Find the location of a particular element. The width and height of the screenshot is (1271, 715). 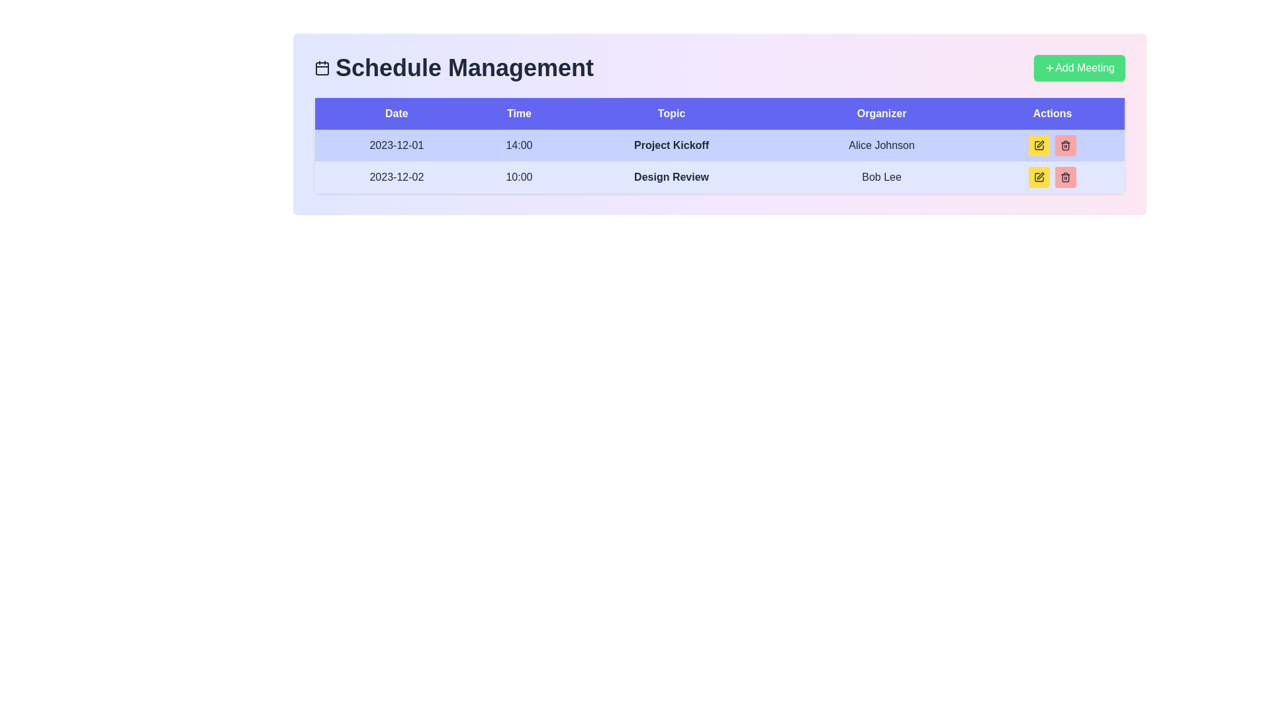

the text label 'Actions' styled with a white font on a purple background, located in the header row of a table in the scheduled management interface is located at coordinates (1052, 113).